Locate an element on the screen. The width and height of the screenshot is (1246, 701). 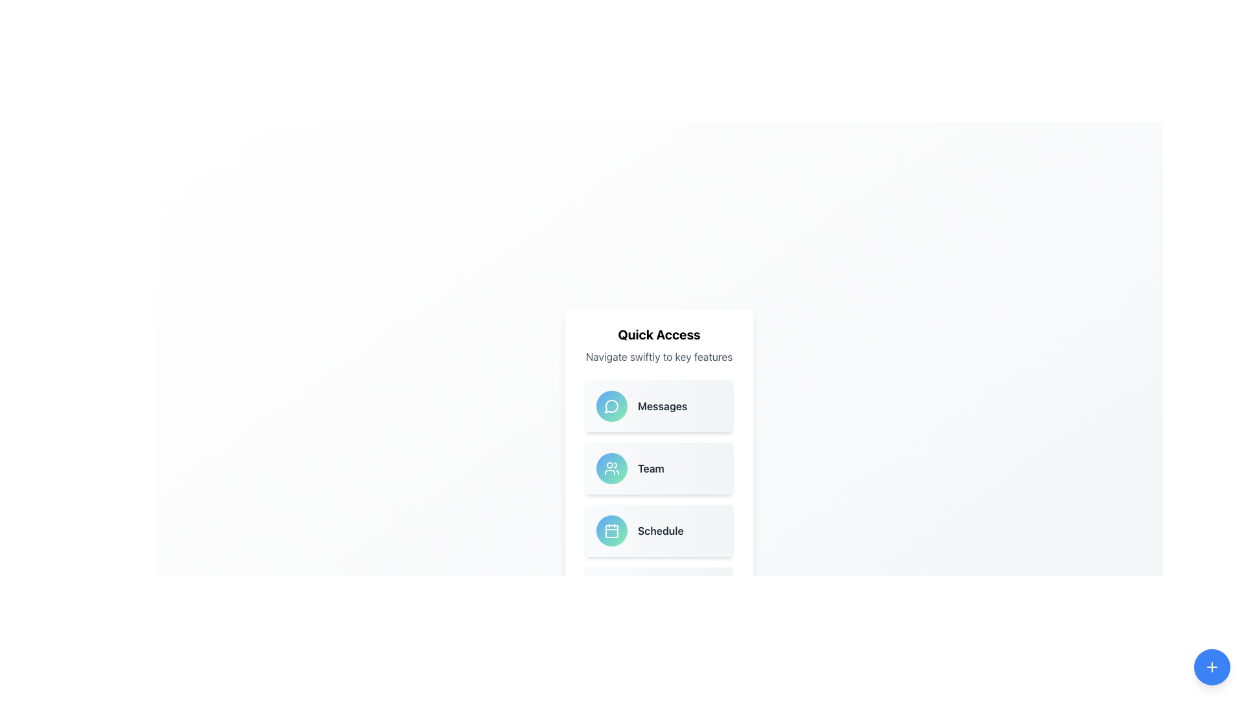
the '+' button located in the bottom-right corner of the interface for repositioning, as it serves as an action trigger for adding new content is located at coordinates (1211, 667).